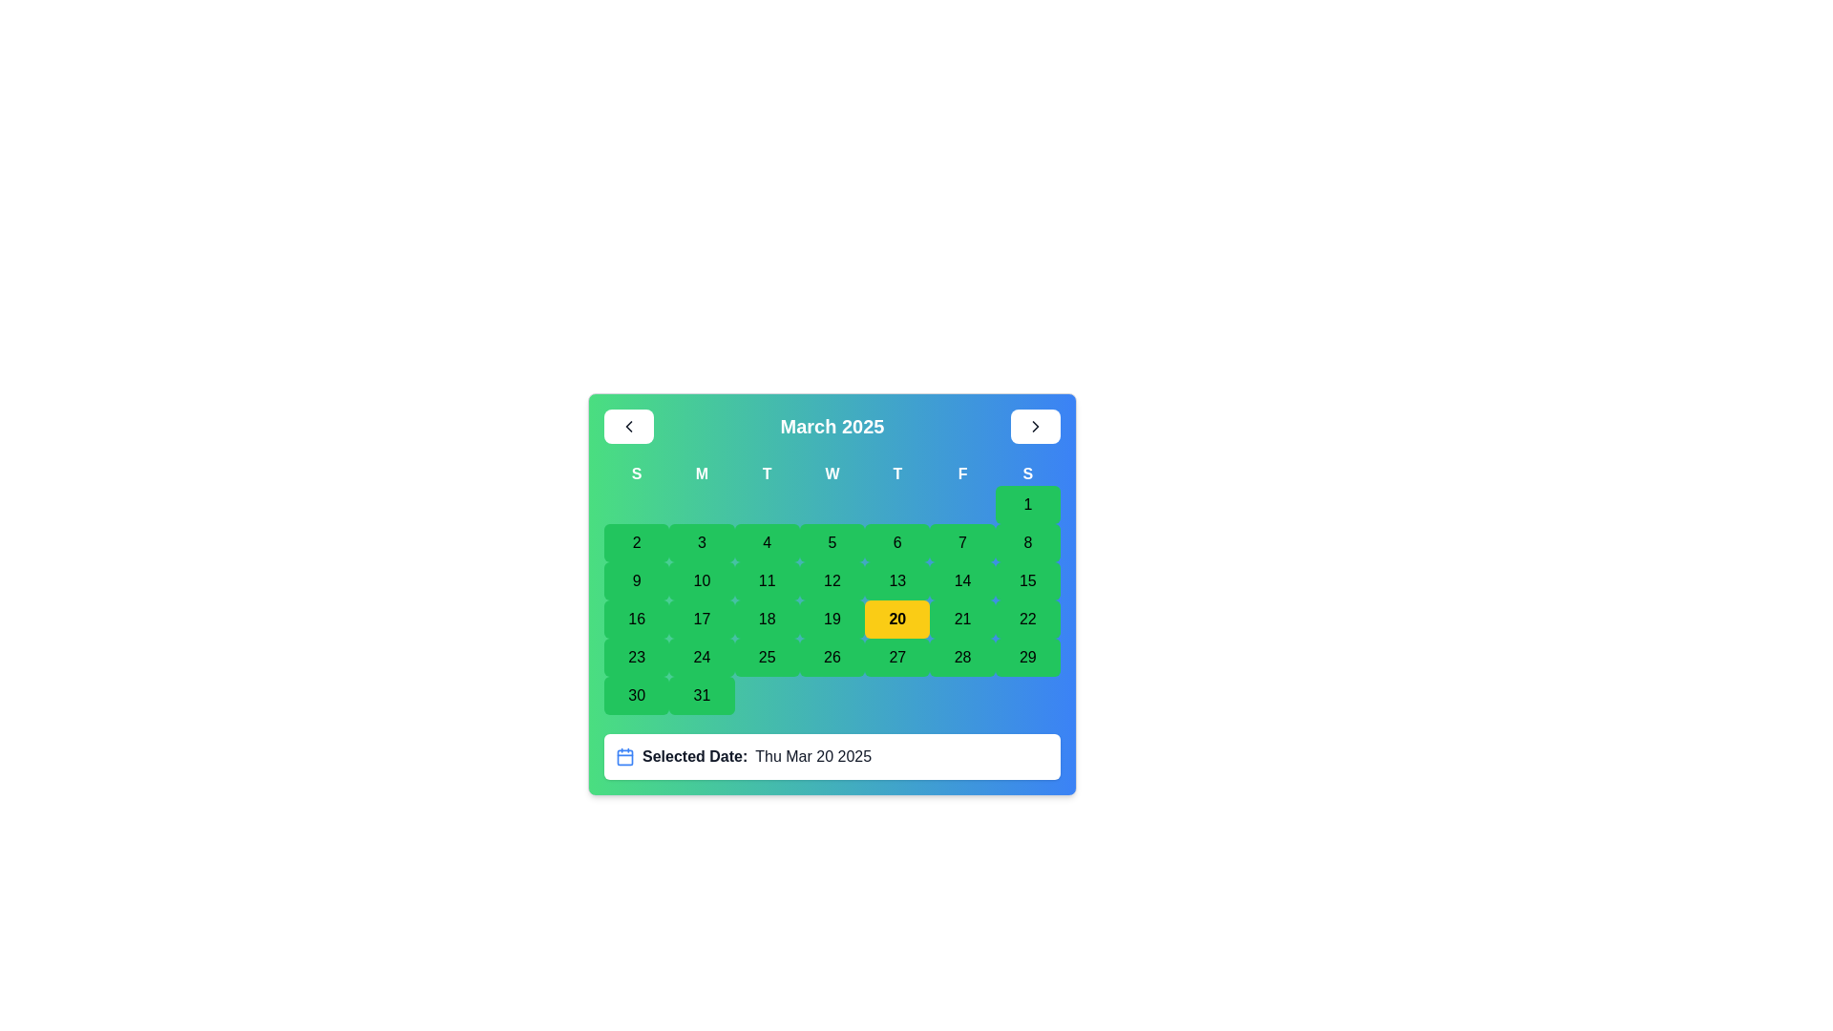 The width and height of the screenshot is (1833, 1031). What do you see at coordinates (767, 473) in the screenshot?
I see `the label representing Tuesday in the calendar interface, located beneath the 'March 2025' header, adjacent to 'M' and 'W'` at bounding box center [767, 473].